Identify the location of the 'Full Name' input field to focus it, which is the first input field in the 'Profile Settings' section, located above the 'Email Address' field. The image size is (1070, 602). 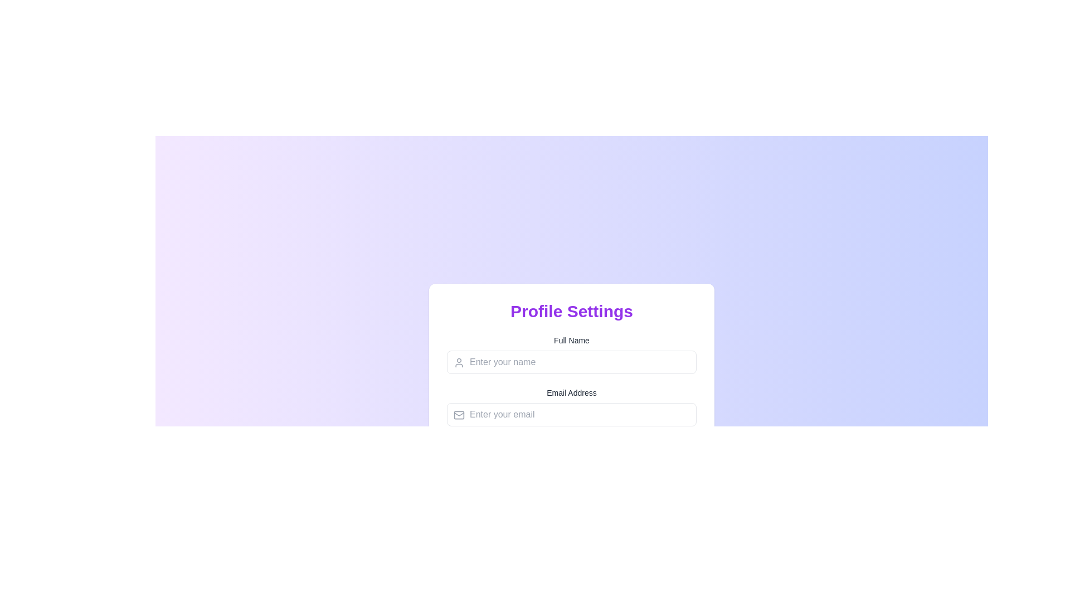
(572, 355).